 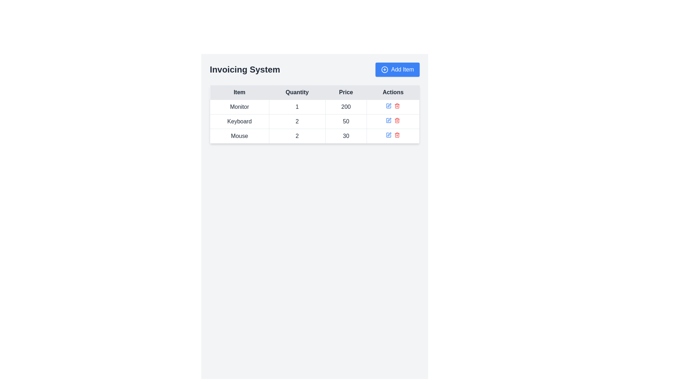 I want to click on the text label displaying '30' in the 'Price' column of the last row corresponding to the 'Mouse' item in the table, so click(x=346, y=136).